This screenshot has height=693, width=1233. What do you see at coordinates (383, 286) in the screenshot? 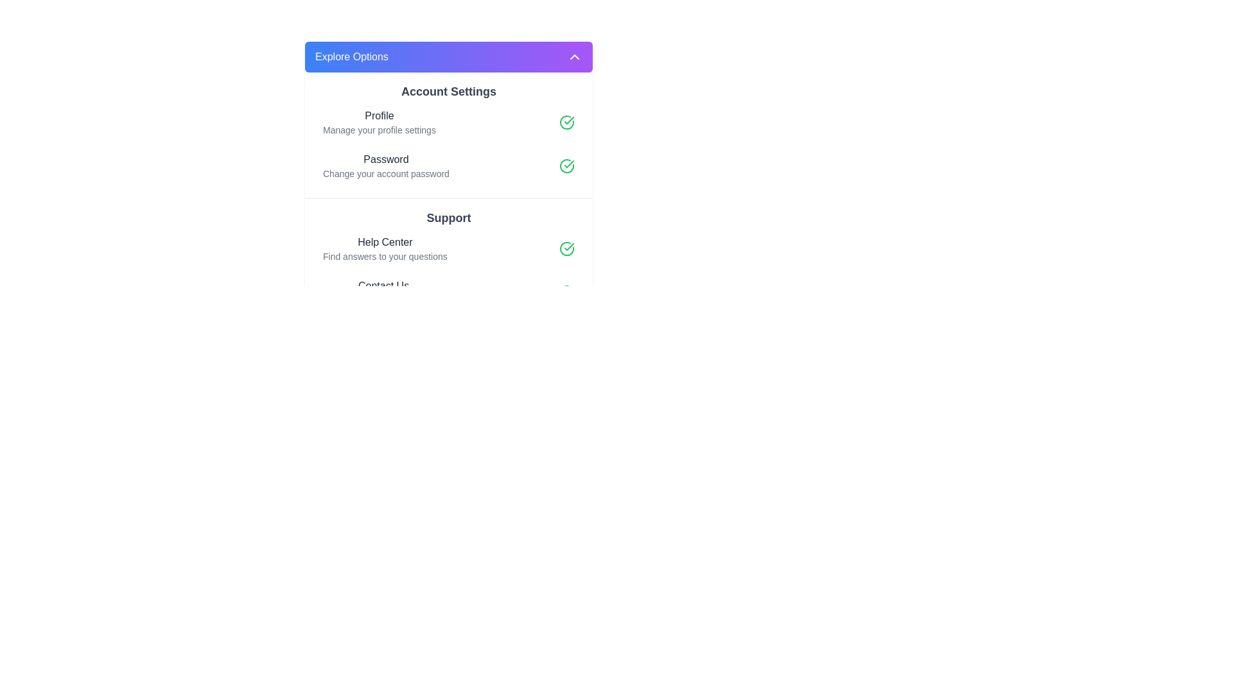
I see `the Text Label indicating the possibility of contacting the support team, located in the 'Support' section below the 'Help Center' text` at bounding box center [383, 286].